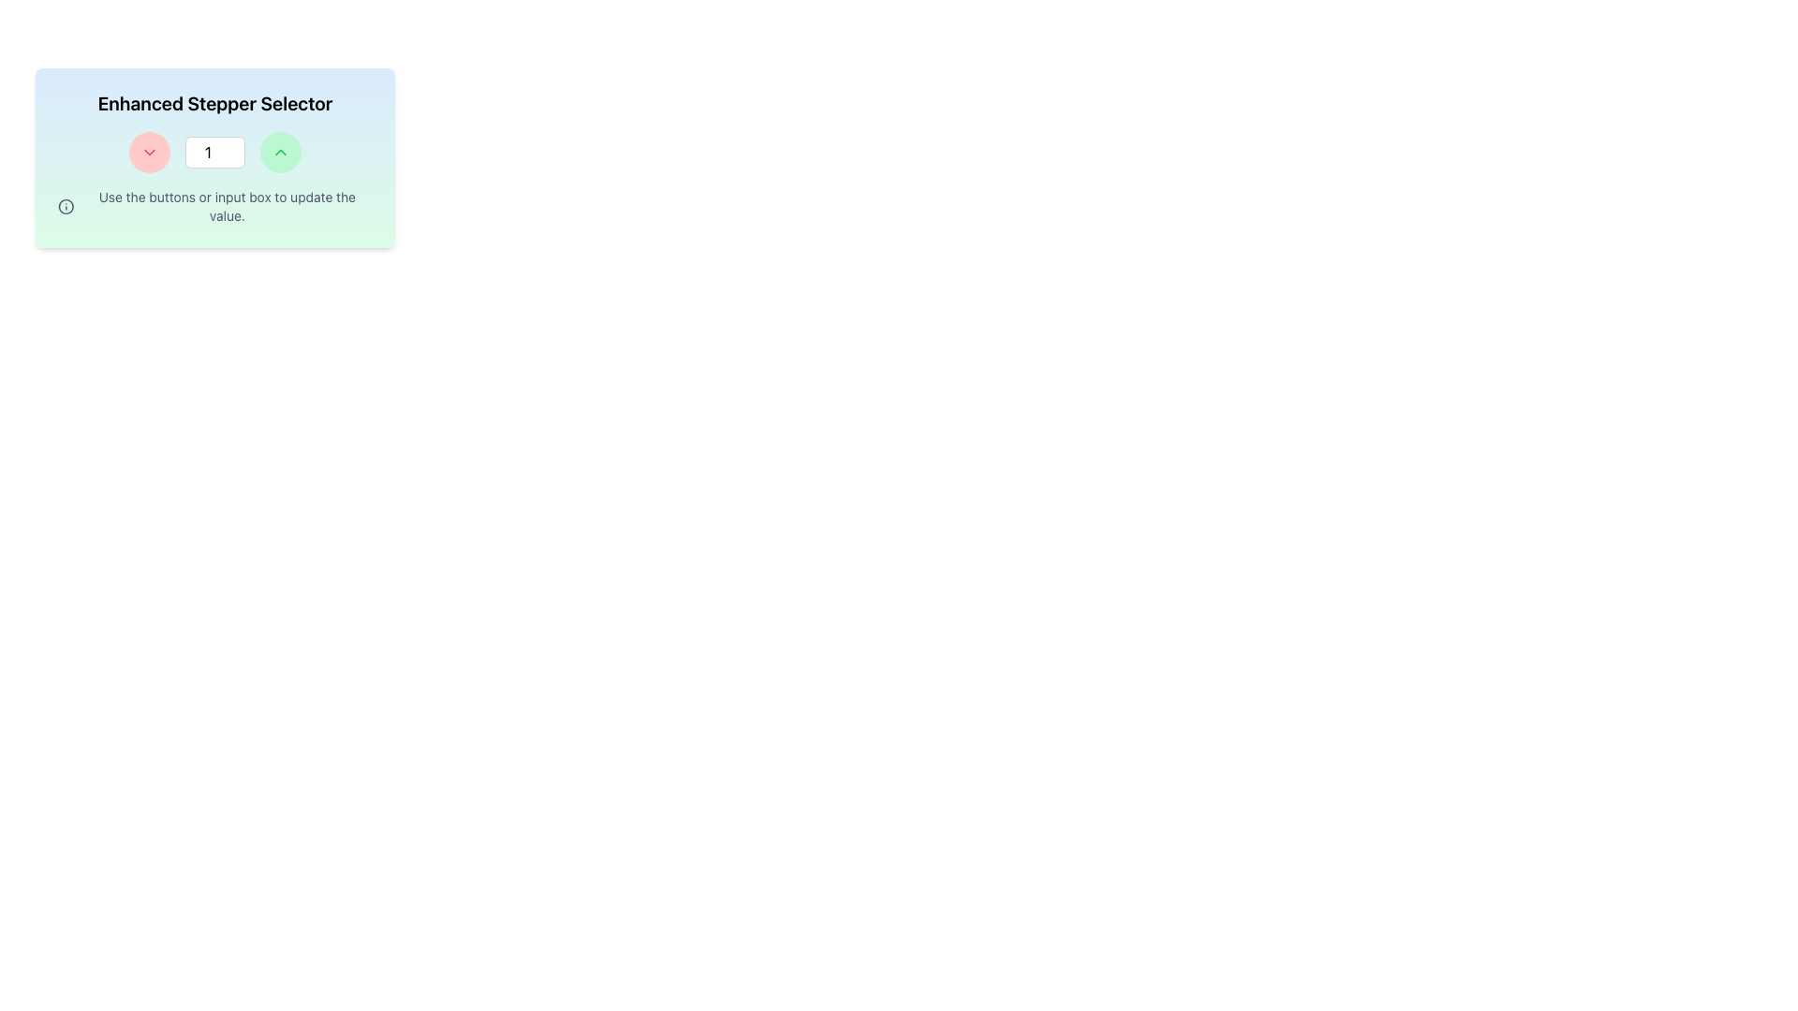  What do you see at coordinates (279, 151) in the screenshot?
I see `the circular button with a light green background and an upward-pointing chevron icon to increase the value` at bounding box center [279, 151].